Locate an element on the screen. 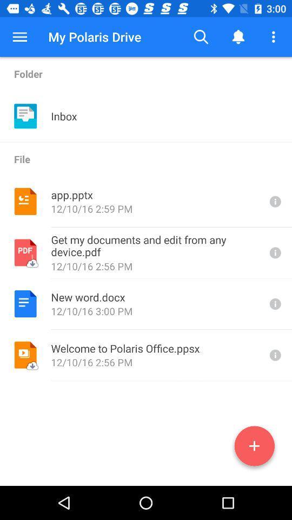 The height and width of the screenshot is (520, 292). the button next to the my polaris drive button is located at coordinates (19, 37).